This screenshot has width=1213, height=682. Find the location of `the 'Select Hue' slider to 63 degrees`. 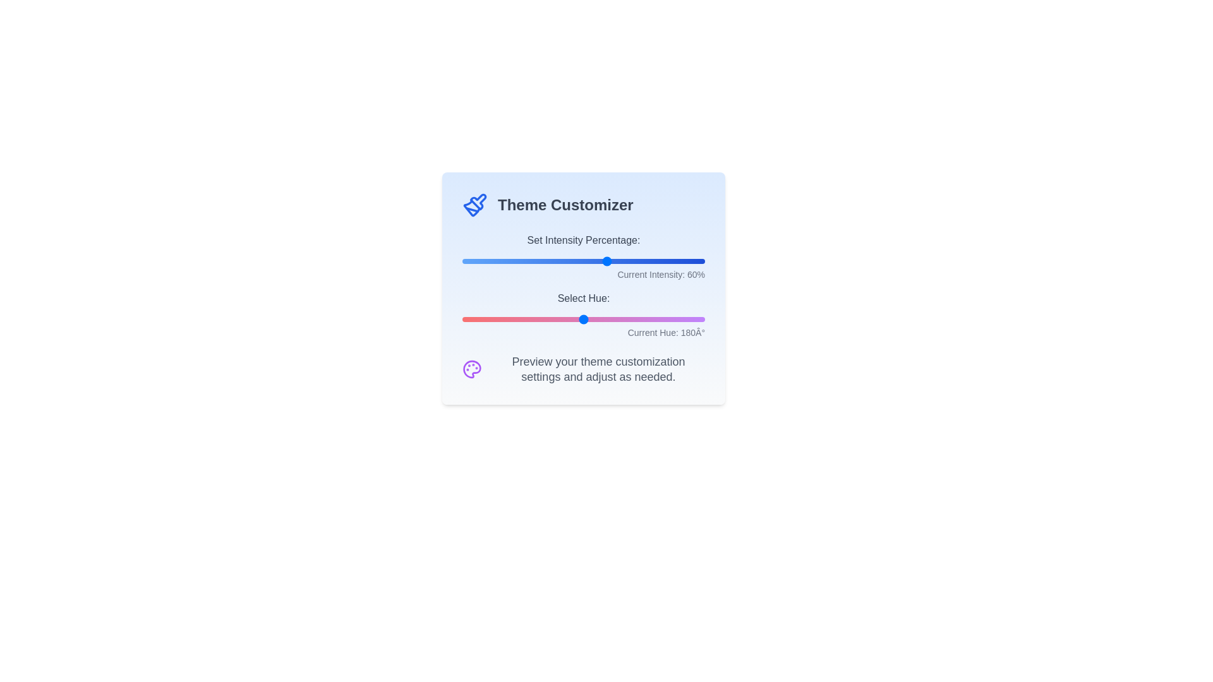

the 'Select Hue' slider to 63 degrees is located at coordinates (504, 318).